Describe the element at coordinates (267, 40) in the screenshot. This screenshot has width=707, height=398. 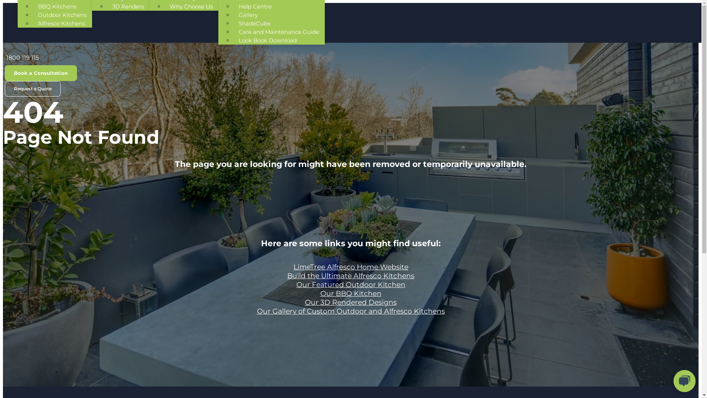
I see `'Look Book Download'` at that location.